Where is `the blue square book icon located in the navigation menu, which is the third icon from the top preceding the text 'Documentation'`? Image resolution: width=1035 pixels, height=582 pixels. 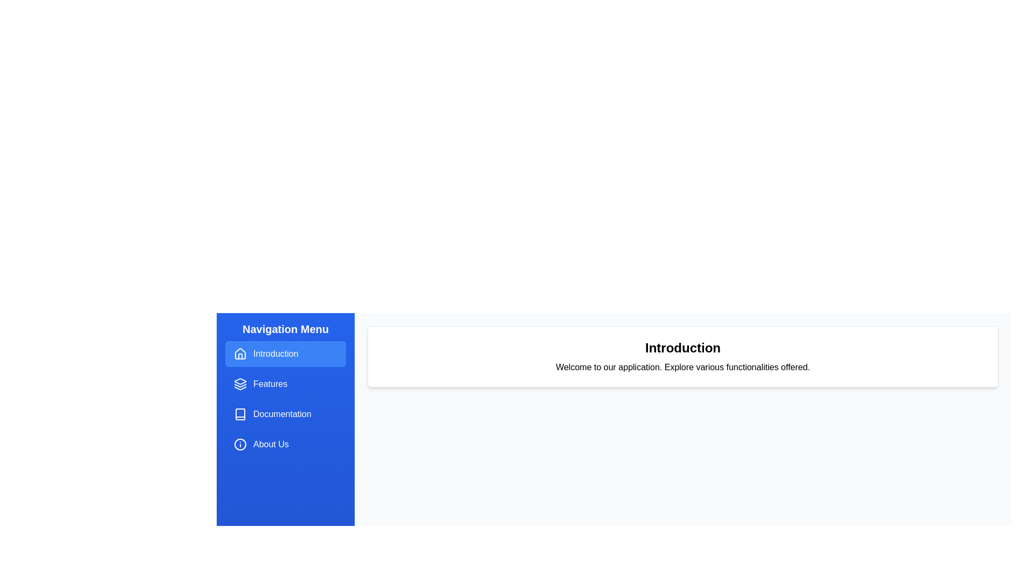
the blue square book icon located in the navigation menu, which is the third icon from the top preceding the text 'Documentation' is located at coordinates (240, 413).